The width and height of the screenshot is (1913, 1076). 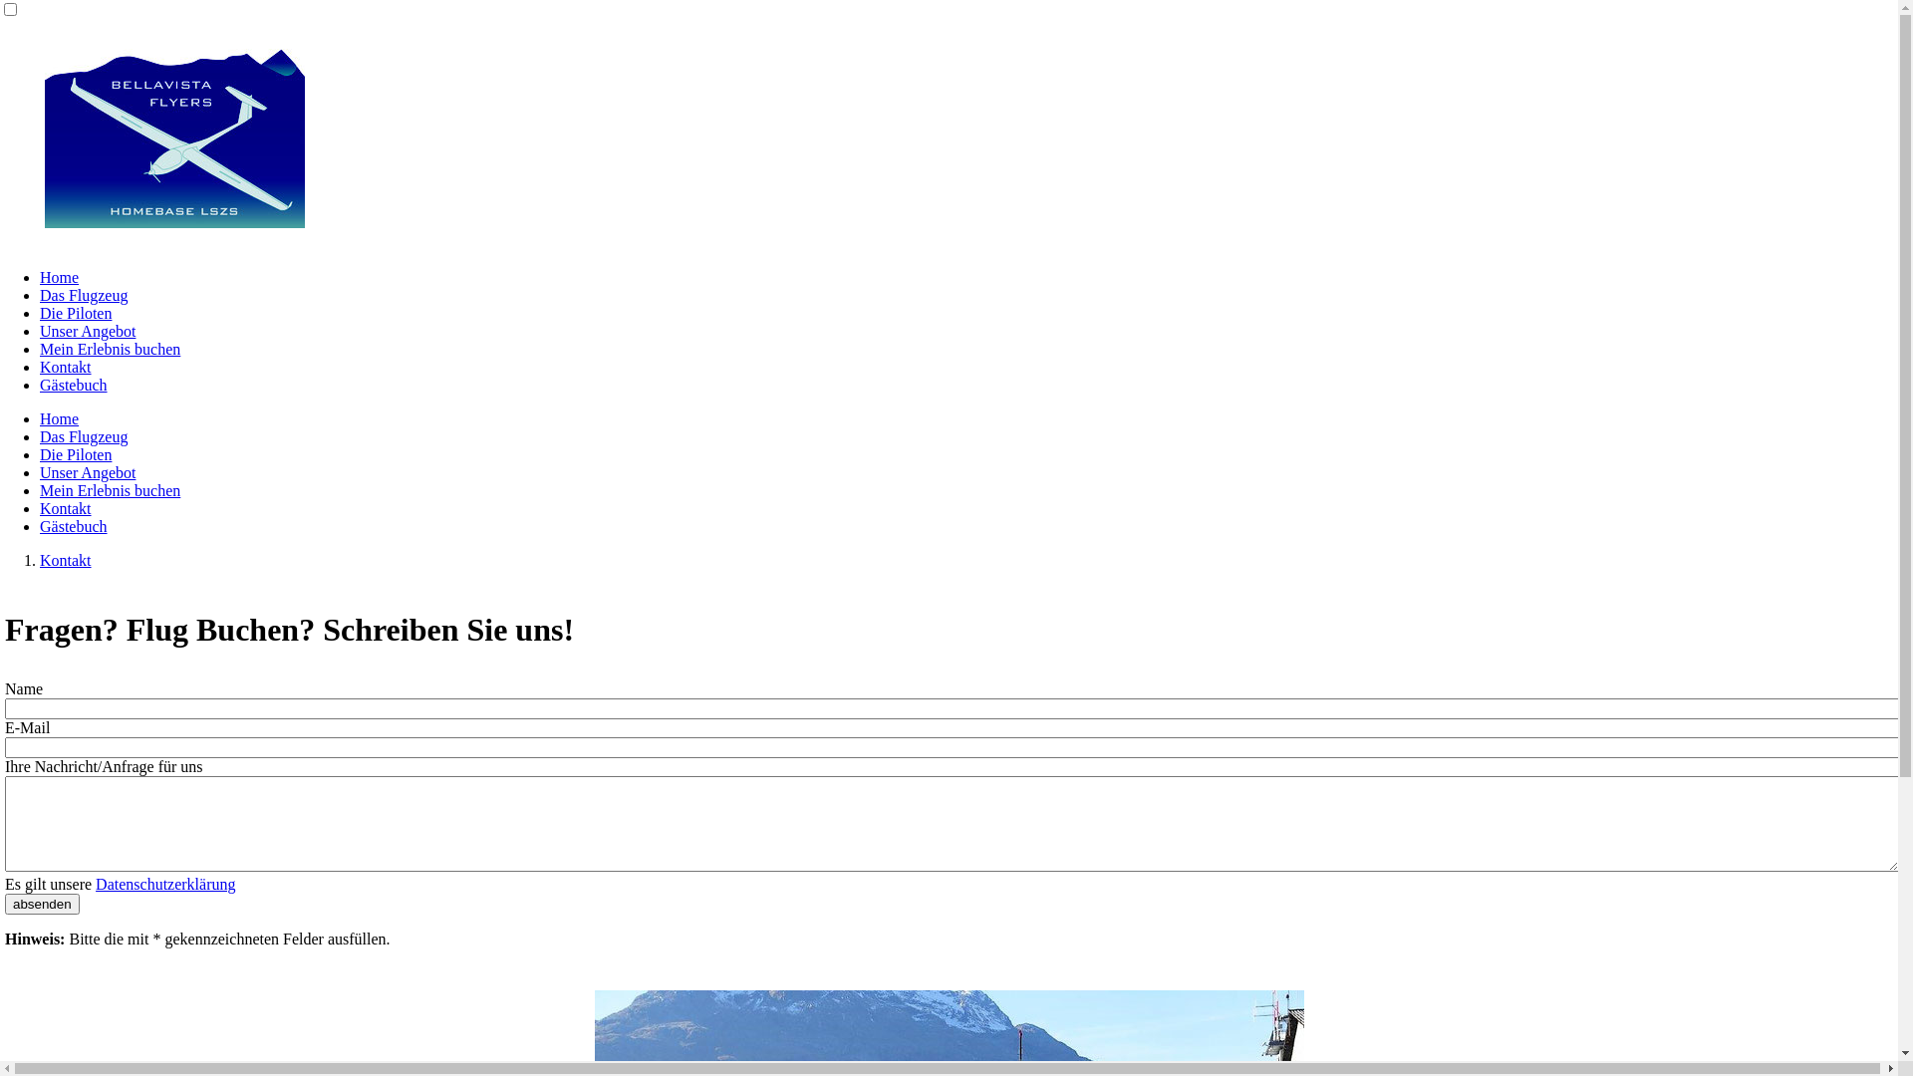 I want to click on 'Die Piloten', so click(x=76, y=454).